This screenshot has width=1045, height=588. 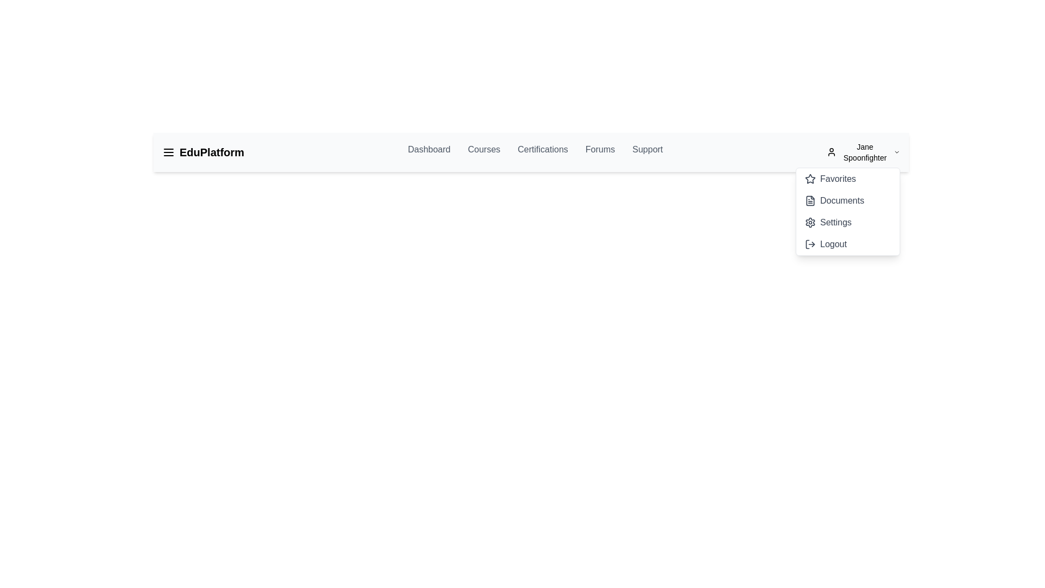 I want to click on the user profile icon, which is a small black outline figure representing a user, located in the top-right navigation bar next to the name 'Jane Spoonfighter', so click(x=831, y=152).